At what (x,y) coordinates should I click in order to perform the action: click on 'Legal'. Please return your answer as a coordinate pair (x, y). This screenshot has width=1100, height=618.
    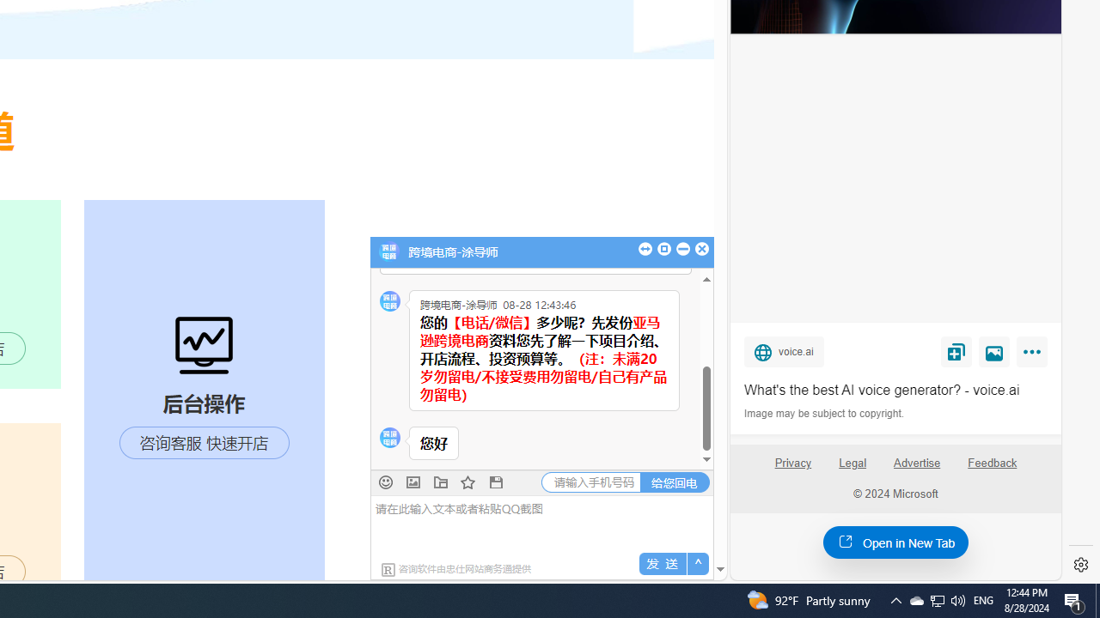
    Looking at the image, I should click on (852, 462).